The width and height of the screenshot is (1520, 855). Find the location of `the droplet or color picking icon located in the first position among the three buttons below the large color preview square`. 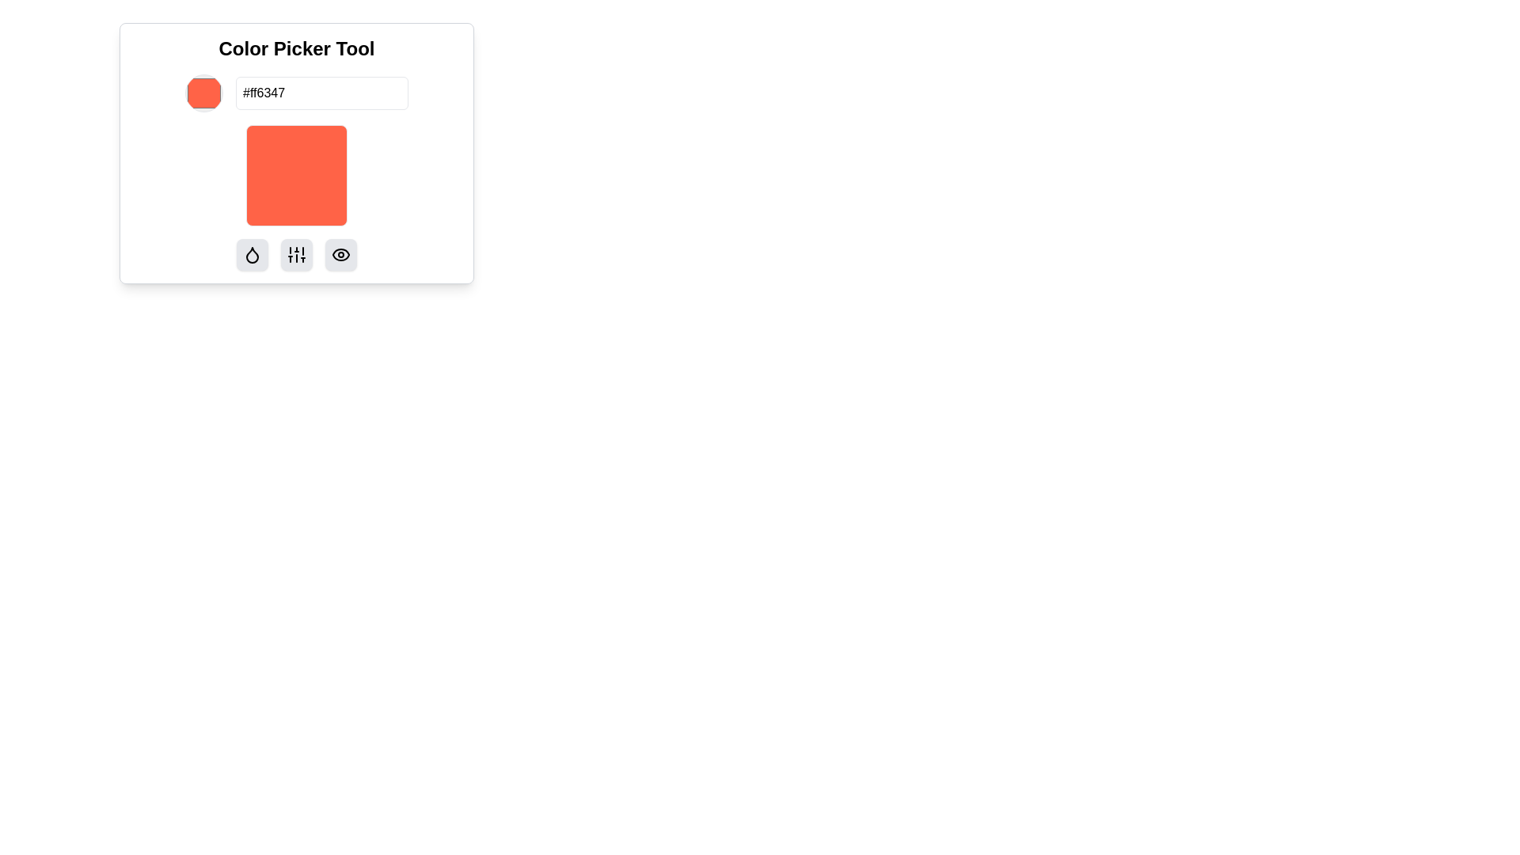

the droplet or color picking icon located in the first position among the three buttons below the large color preview square is located at coordinates (251, 253).